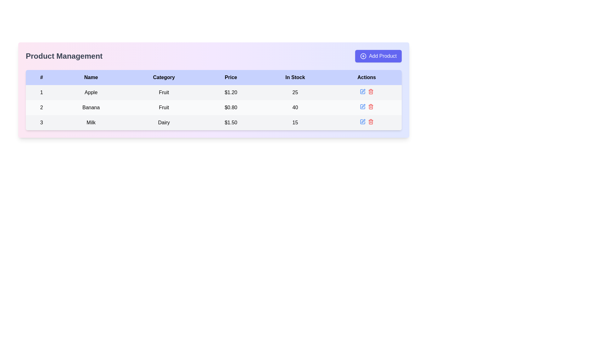  What do you see at coordinates (363, 56) in the screenshot?
I see `the circular 'Add Product' icon located to the left of the 'Add Product' button at the top-right corner of the interface to interact with the button` at bounding box center [363, 56].